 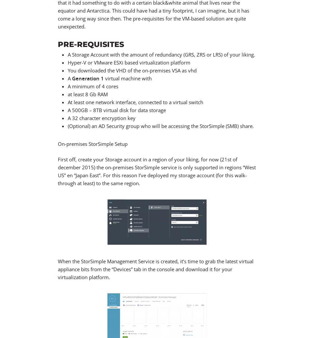 I want to click on 'When the StorSimple Management Service is created, it’s time to grab the latest virtual appliance bits from the “Devices” tab in the console and download it for your virtualization platform.', so click(x=155, y=269).